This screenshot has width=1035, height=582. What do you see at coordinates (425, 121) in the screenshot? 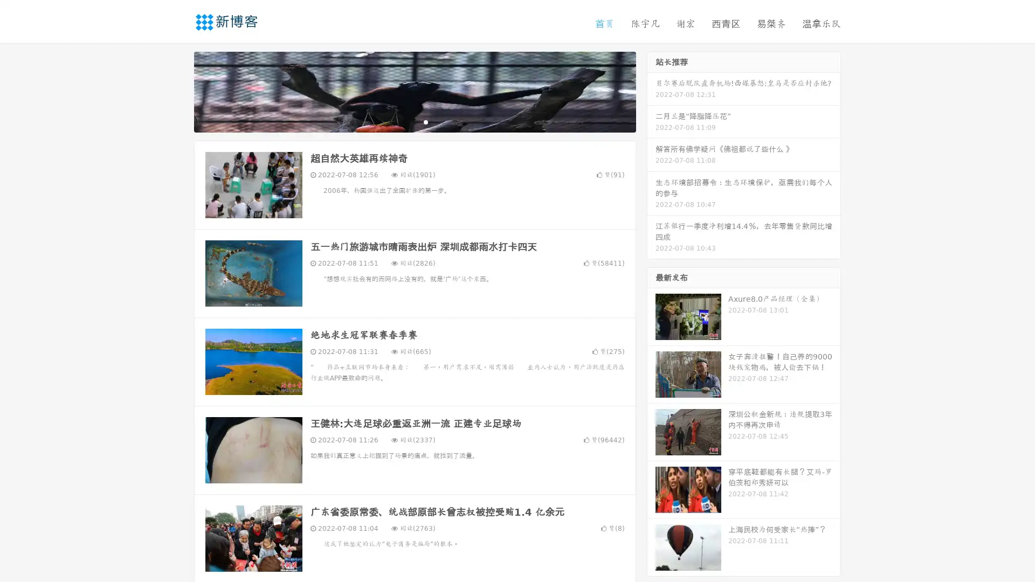
I see `Go to slide 3` at bounding box center [425, 121].